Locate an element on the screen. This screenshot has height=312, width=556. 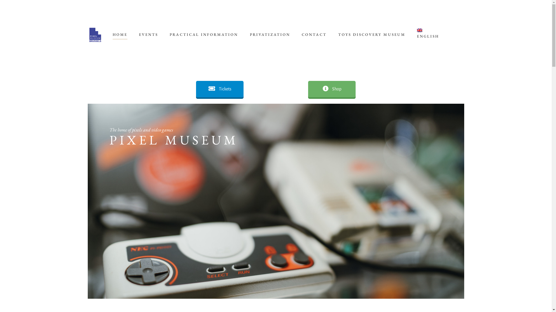
'Tickets' is located at coordinates (219, 89).